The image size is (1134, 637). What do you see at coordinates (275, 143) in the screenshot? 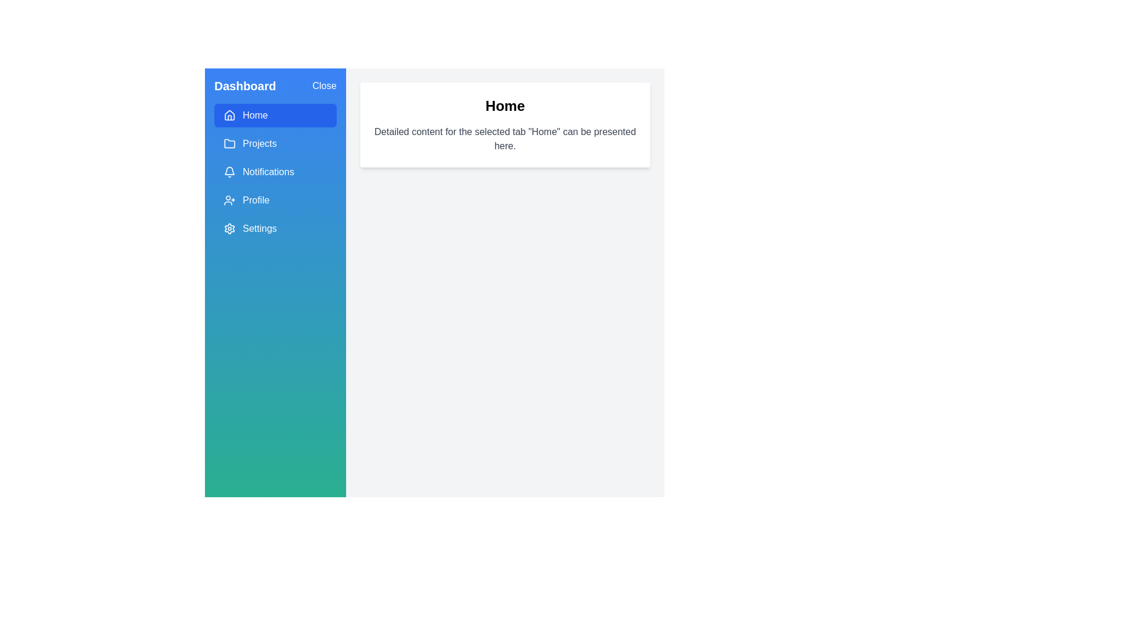
I see `the menu item Projects to display its content` at bounding box center [275, 143].